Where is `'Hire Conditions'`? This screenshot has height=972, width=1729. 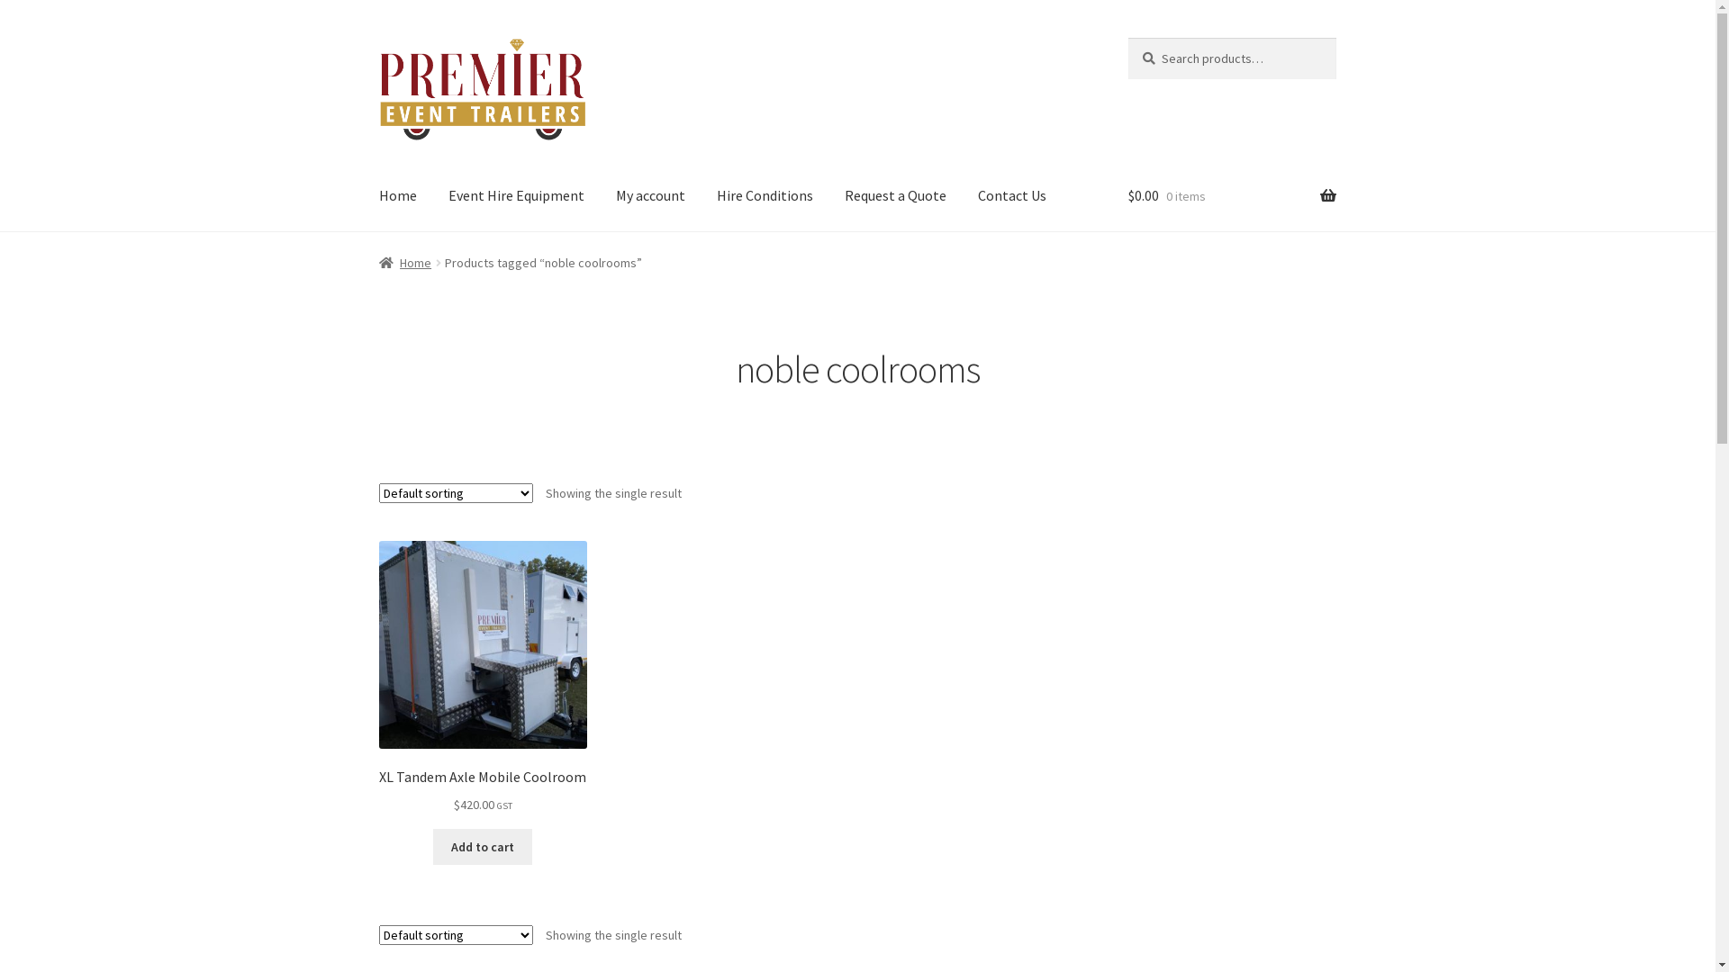 'Hire Conditions' is located at coordinates (765, 197).